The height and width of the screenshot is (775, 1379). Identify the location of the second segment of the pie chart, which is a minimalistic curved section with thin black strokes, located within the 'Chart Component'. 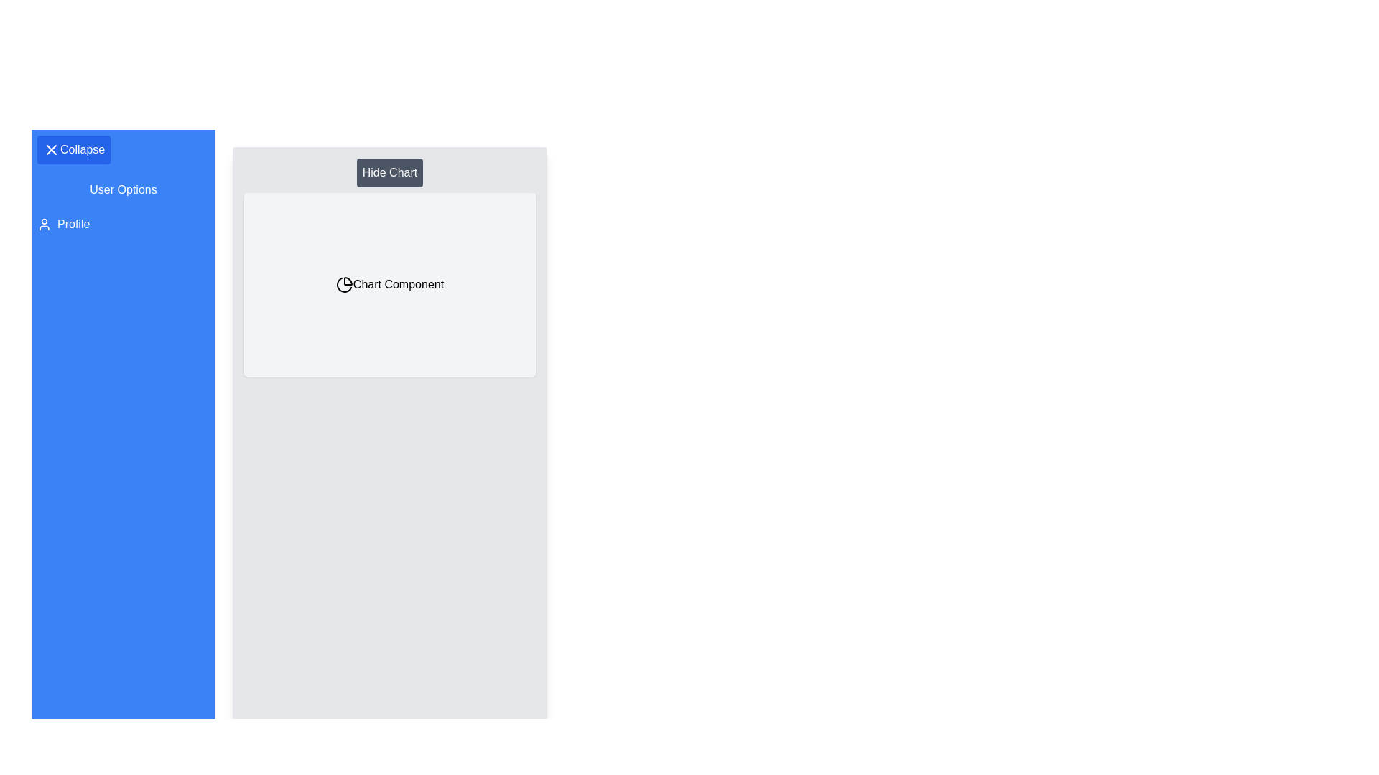
(343, 285).